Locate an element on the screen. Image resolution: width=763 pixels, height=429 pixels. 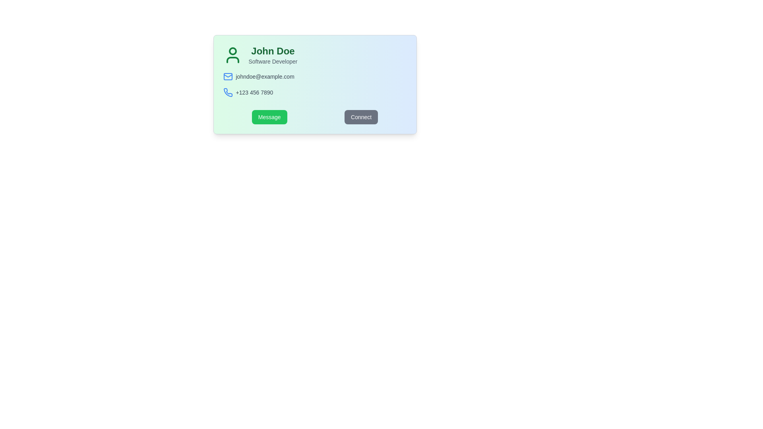
the stylized envelope fold detail of the email icon located in the top left of the card, next to the user's name and email is located at coordinates (227, 76).